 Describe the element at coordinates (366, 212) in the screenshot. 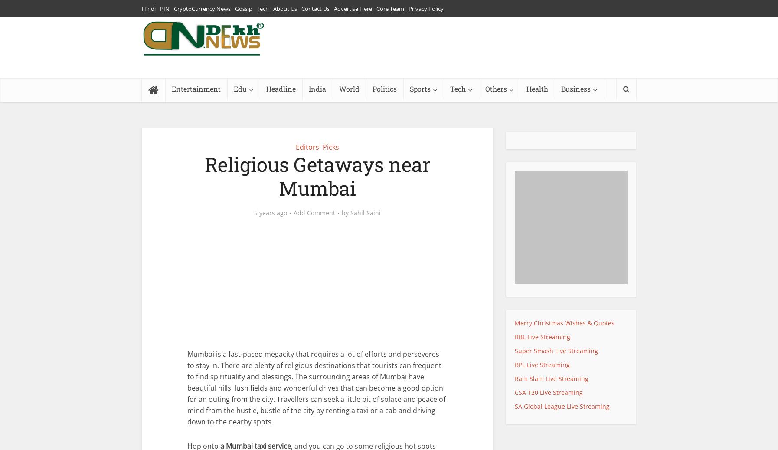

I see `'Sahil Saini'` at that location.